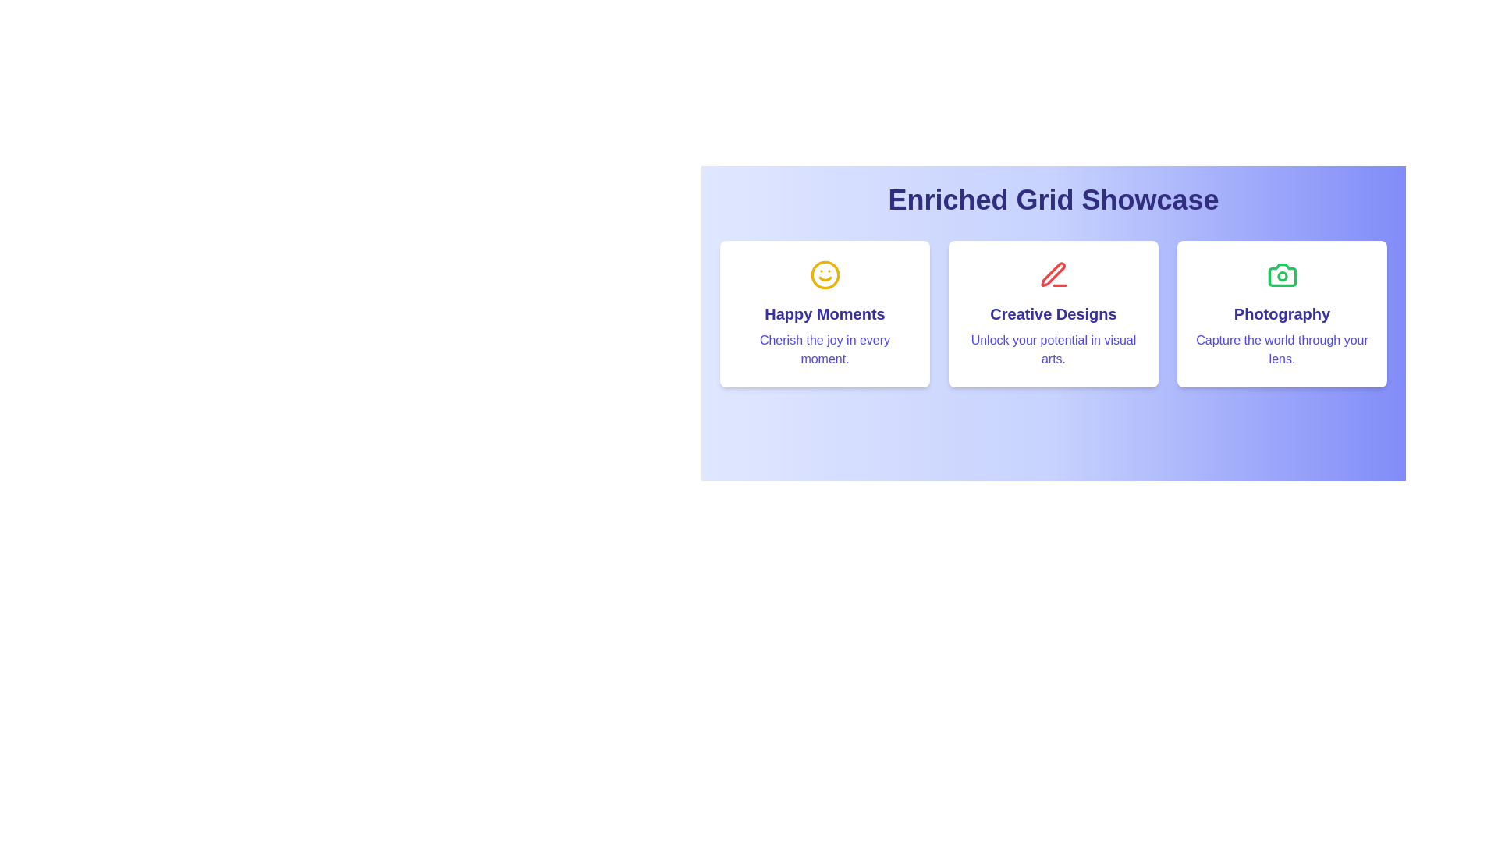 The height and width of the screenshot is (842, 1498). What do you see at coordinates (1053, 313) in the screenshot?
I see `text of the Text label that serves as a heading for visual arts-related content, positioned centrally between 'Happy Moments' and 'Photography'` at bounding box center [1053, 313].